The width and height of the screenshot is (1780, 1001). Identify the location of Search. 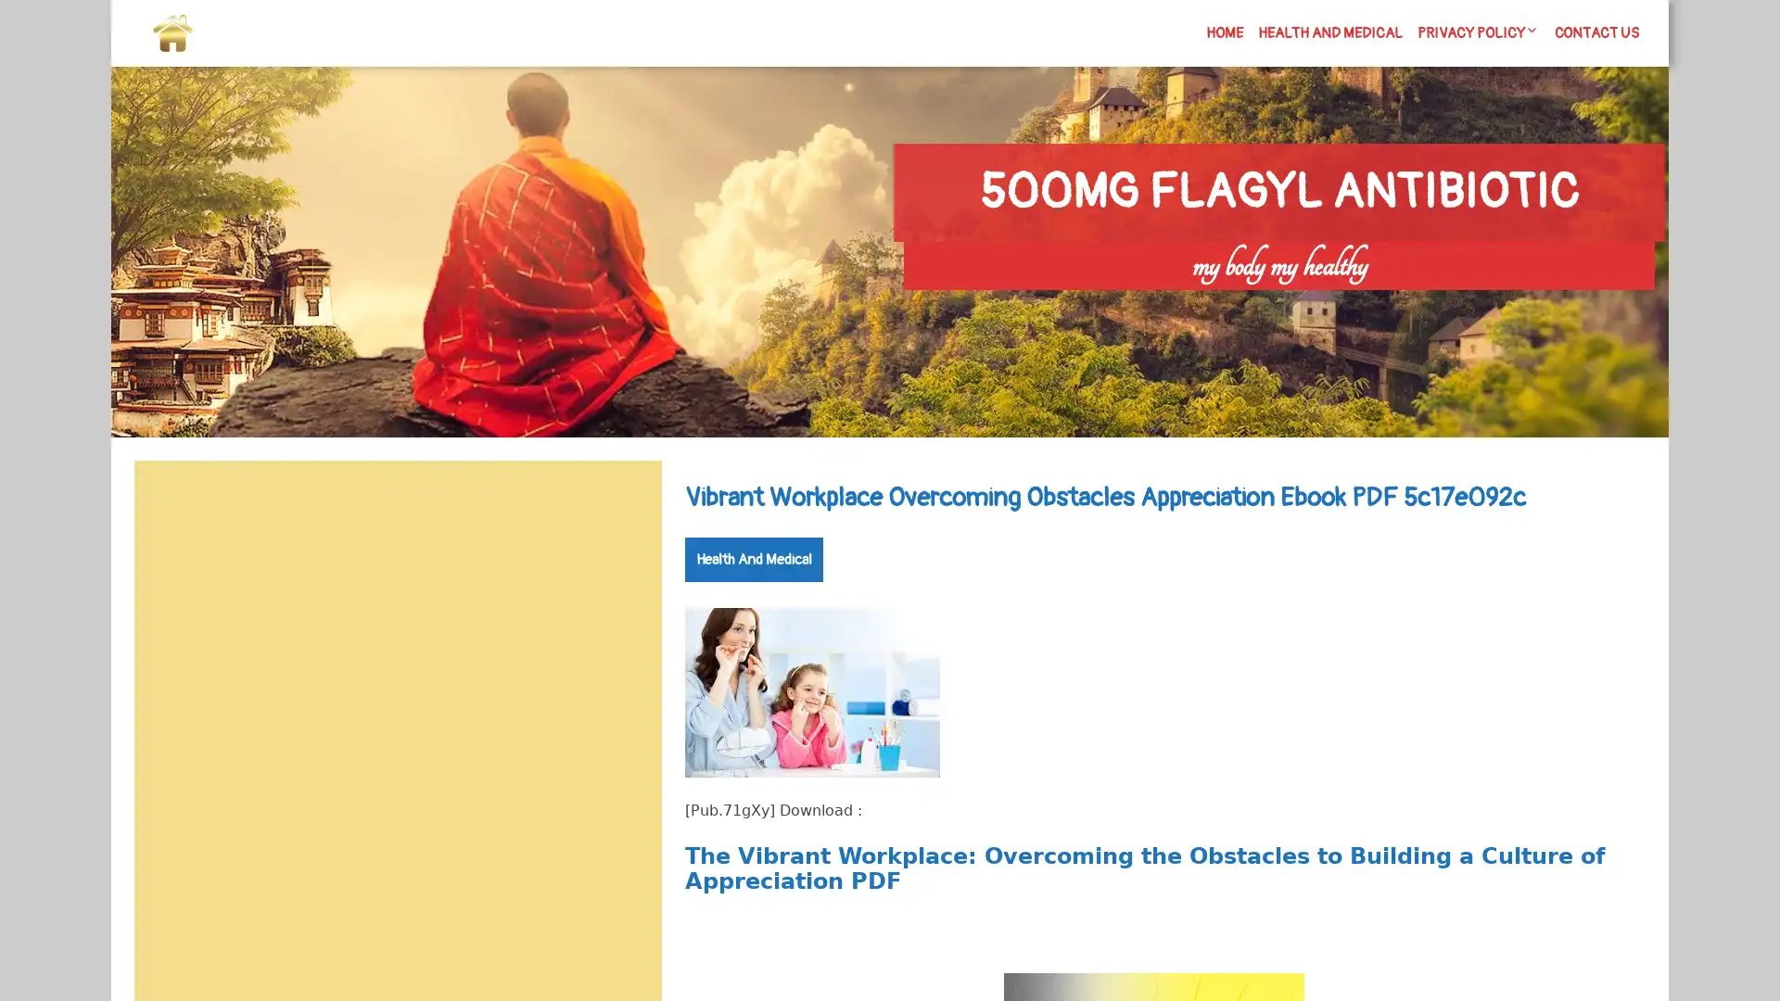
(1443, 303).